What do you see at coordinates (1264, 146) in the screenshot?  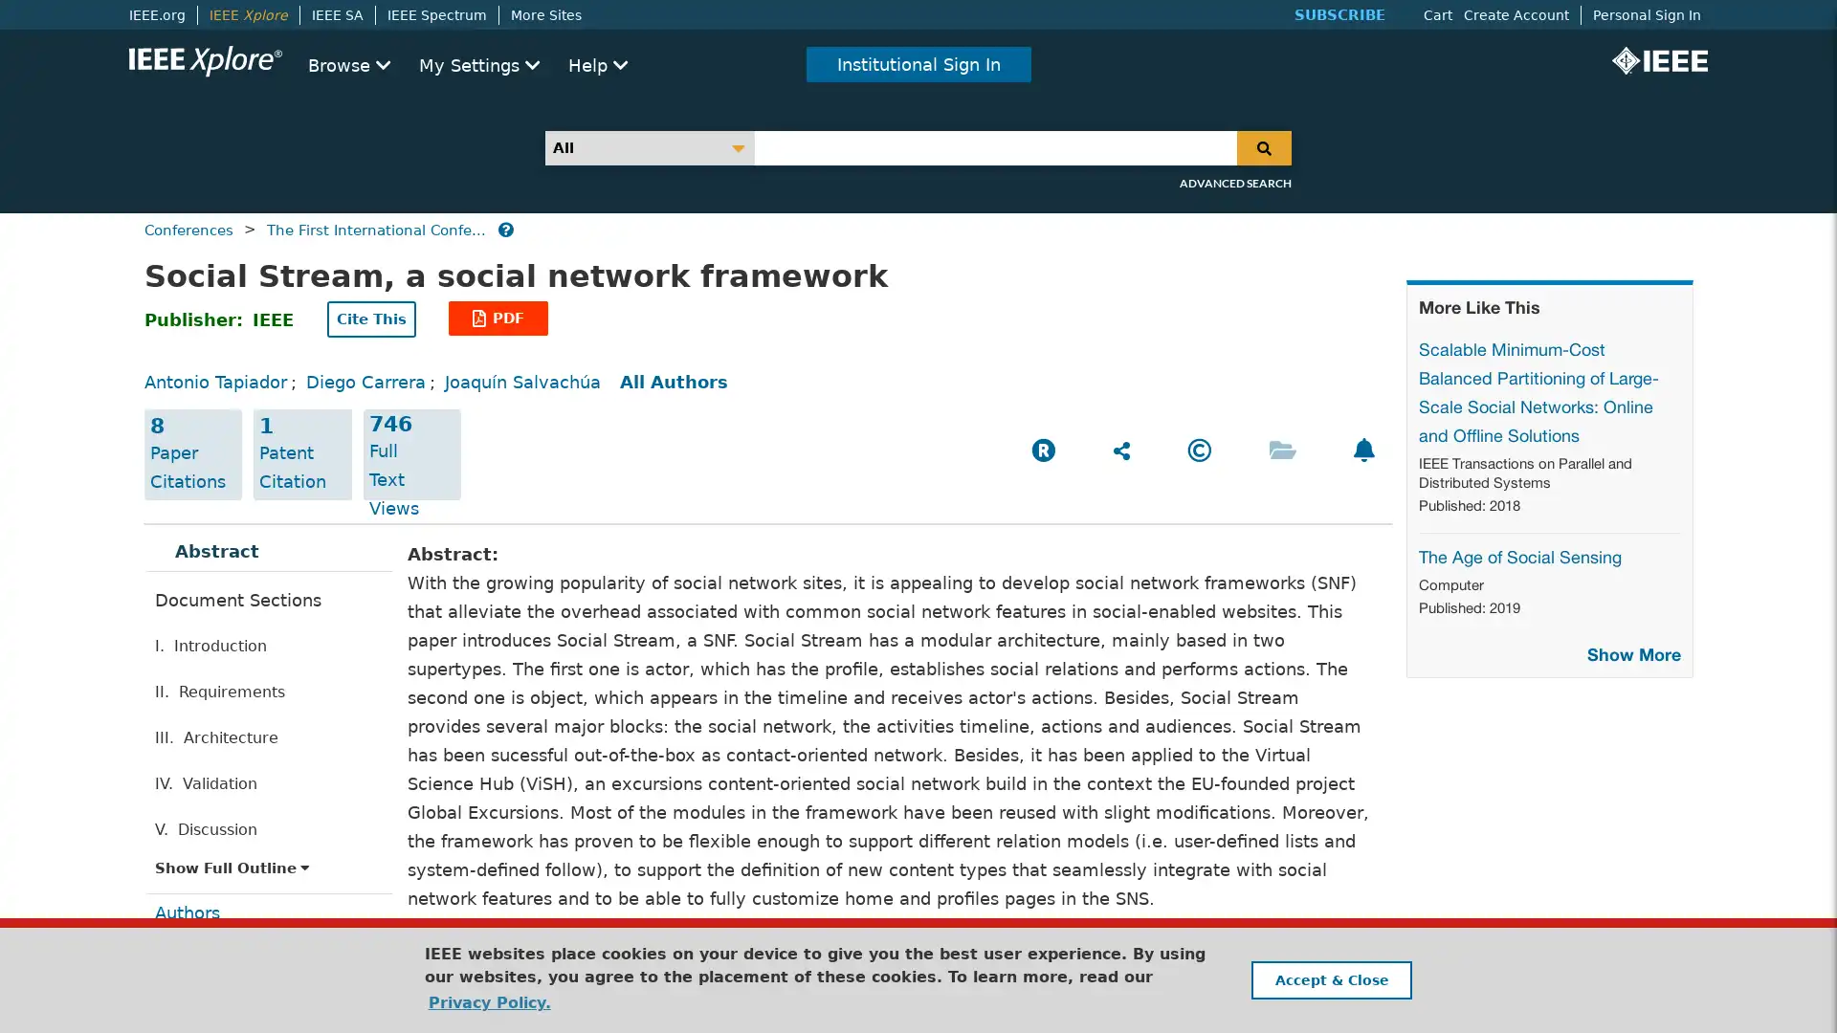 I see `Search` at bounding box center [1264, 146].